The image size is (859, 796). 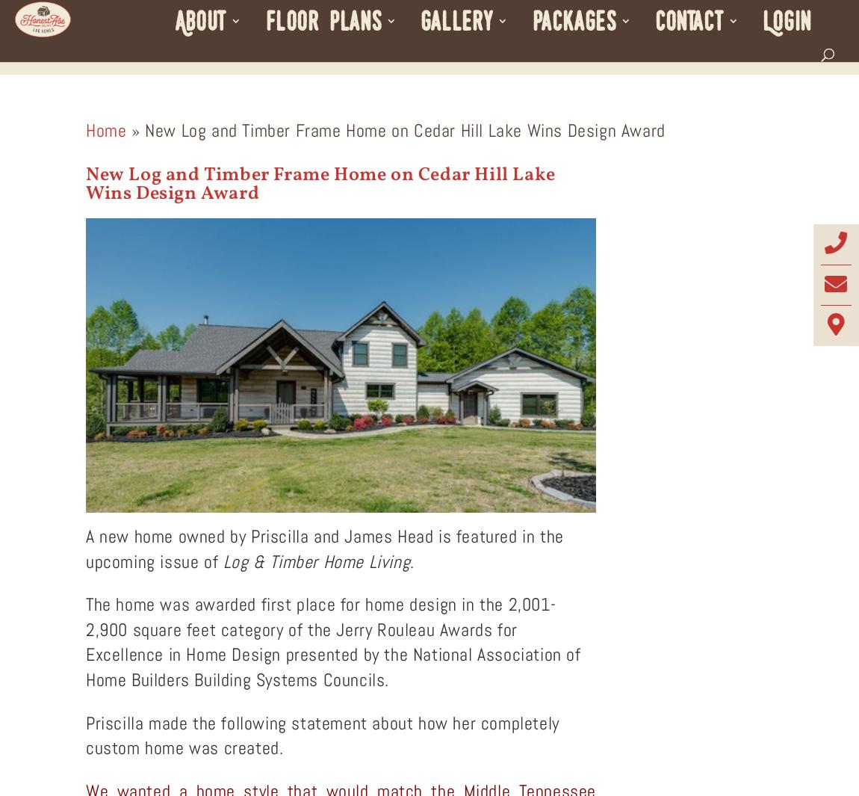 What do you see at coordinates (786, 35) in the screenshot?
I see `'Login'` at bounding box center [786, 35].